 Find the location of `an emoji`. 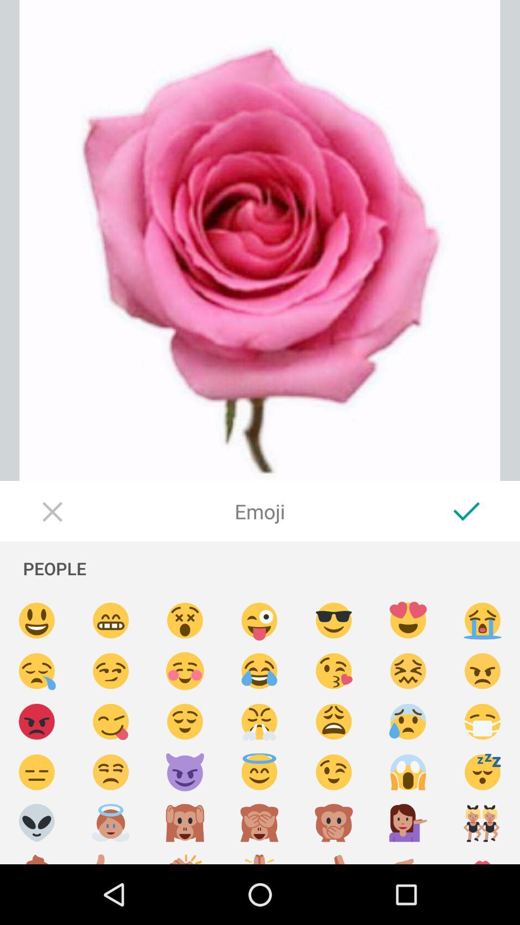

an emoji is located at coordinates (36, 822).